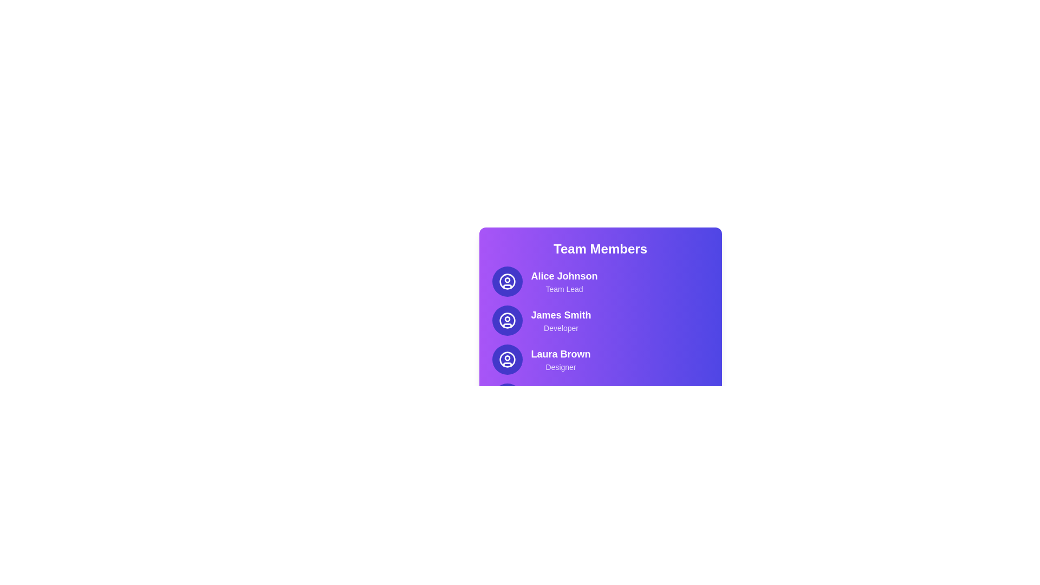 The image size is (1040, 585). I want to click on the User Avatar Icon representing Alice Johnson, which is the first avatar in the vertical list of team members within the purple panel titled 'Team Members.', so click(506, 281).